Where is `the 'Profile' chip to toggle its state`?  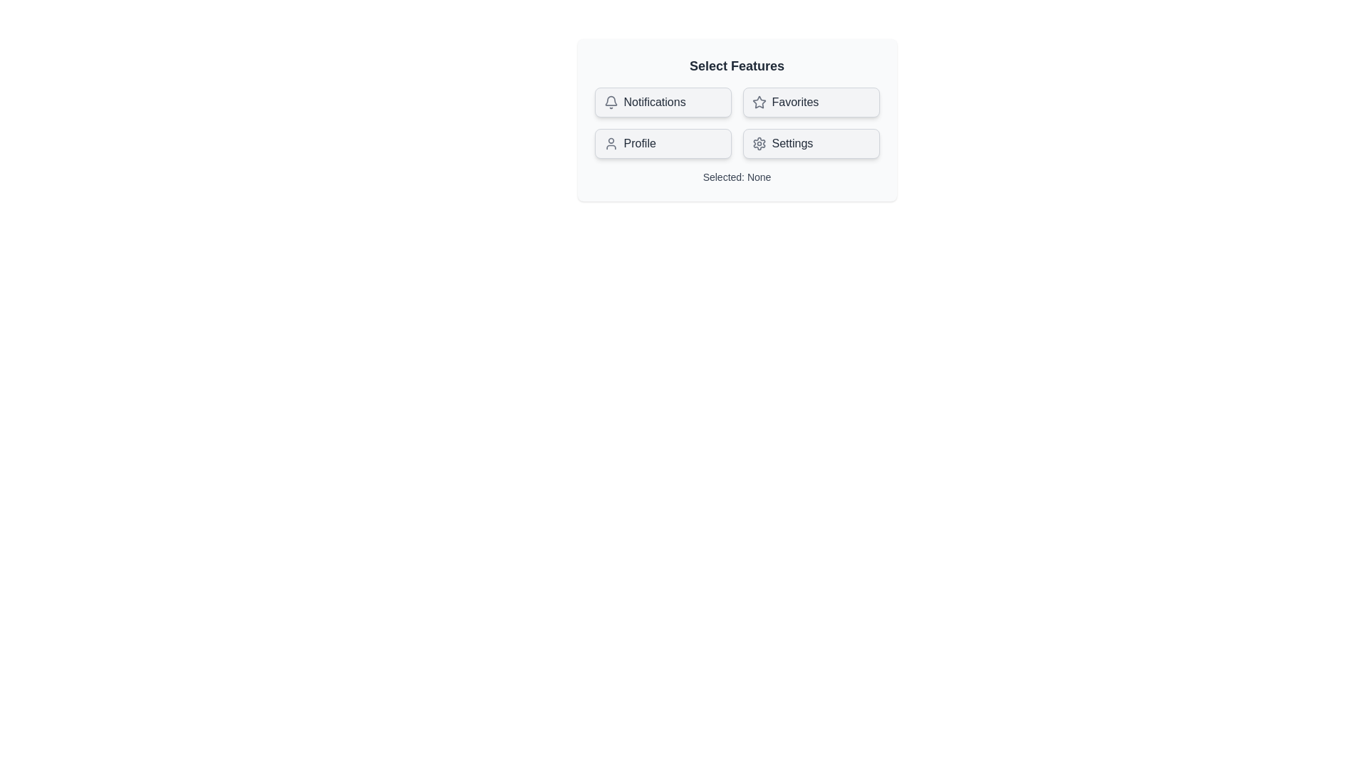 the 'Profile' chip to toggle its state is located at coordinates (662, 143).